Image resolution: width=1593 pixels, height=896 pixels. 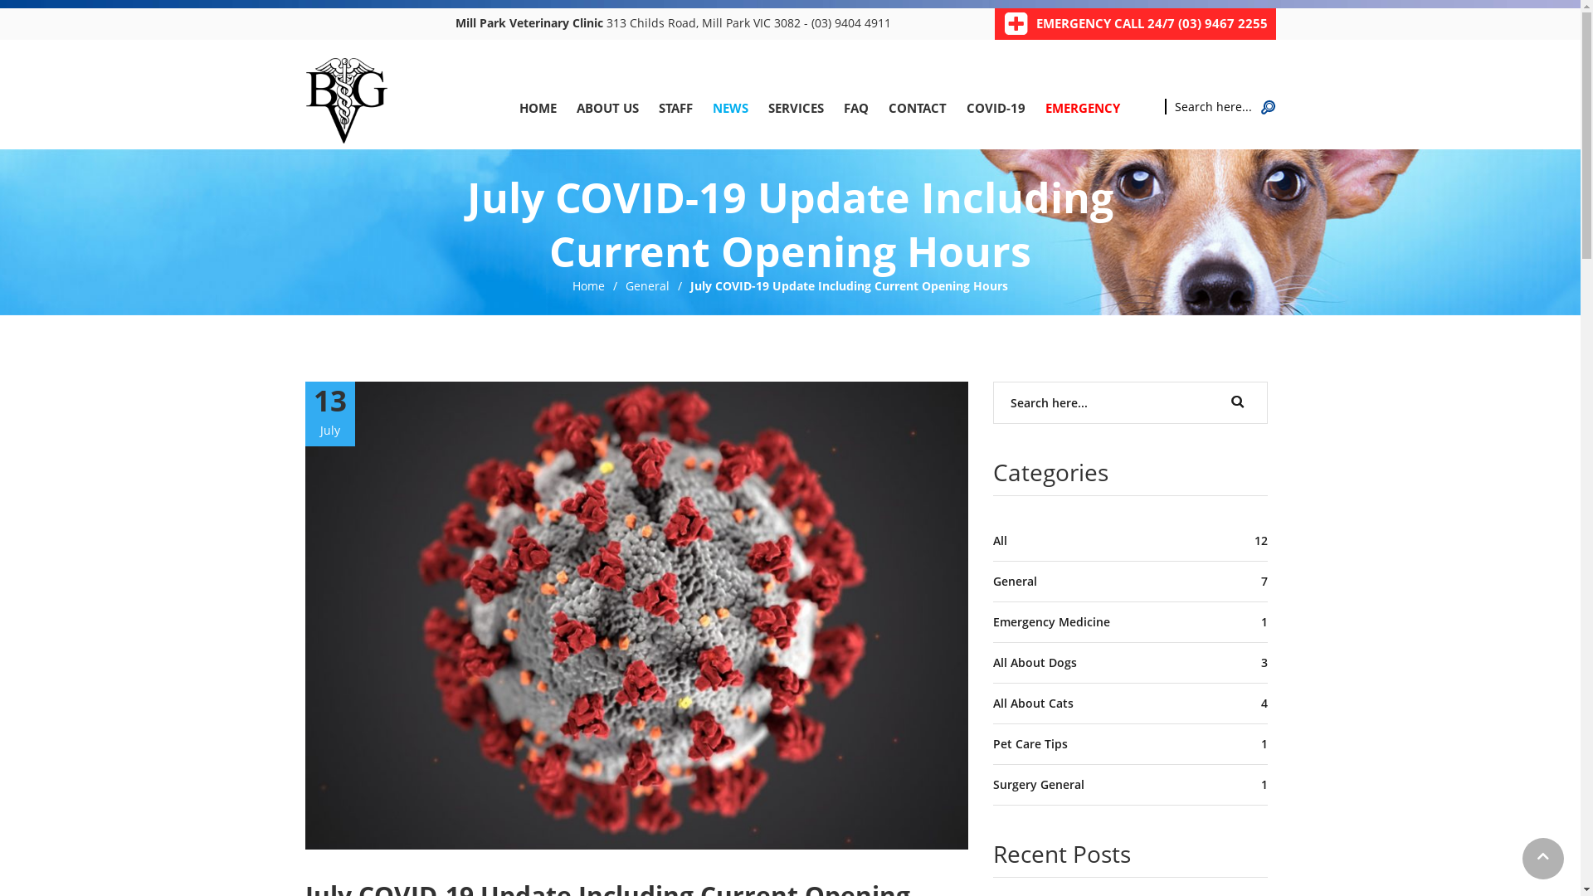 What do you see at coordinates (729, 108) in the screenshot?
I see `'NEWS'` at bounding box center [729, 108].